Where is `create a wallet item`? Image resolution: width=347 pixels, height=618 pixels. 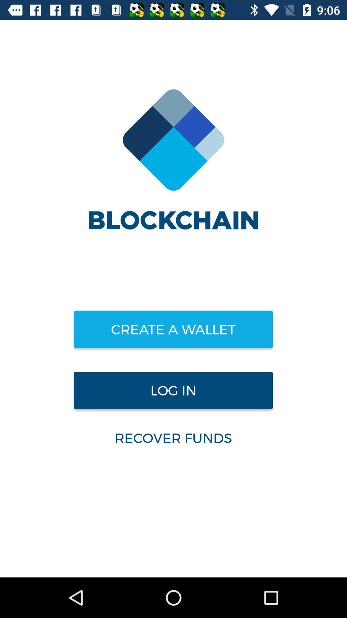 create a wallet item is located at coordinates (173, 329).